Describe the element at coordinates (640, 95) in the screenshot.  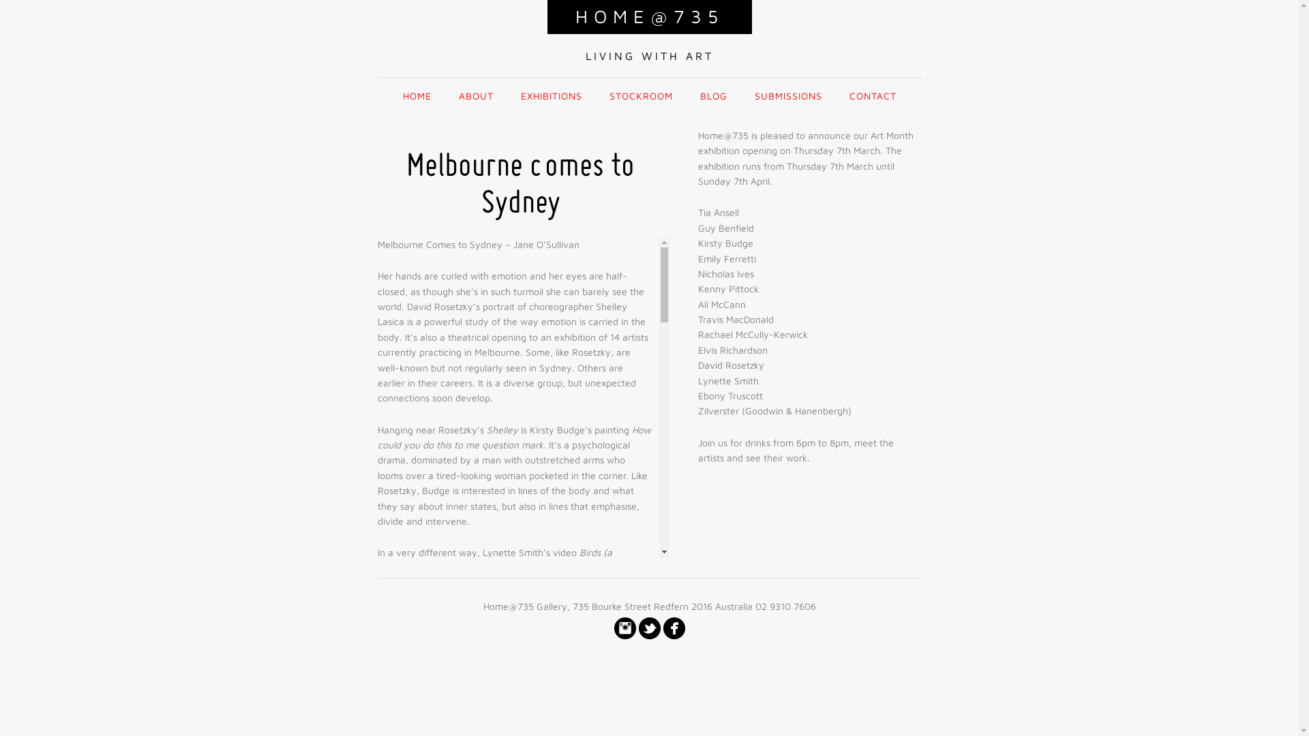
I see `'STOCKROOM'` at that location.